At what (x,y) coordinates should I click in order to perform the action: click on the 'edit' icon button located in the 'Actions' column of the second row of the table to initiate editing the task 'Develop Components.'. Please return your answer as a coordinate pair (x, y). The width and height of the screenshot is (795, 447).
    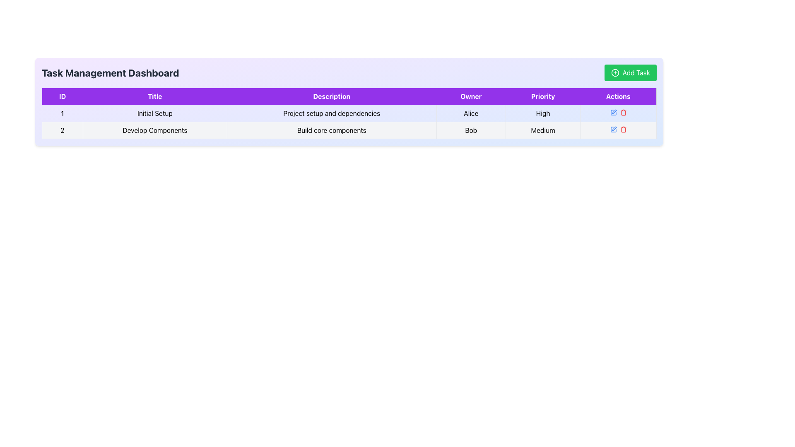
    Looking at the image, I should click on (614, 129).